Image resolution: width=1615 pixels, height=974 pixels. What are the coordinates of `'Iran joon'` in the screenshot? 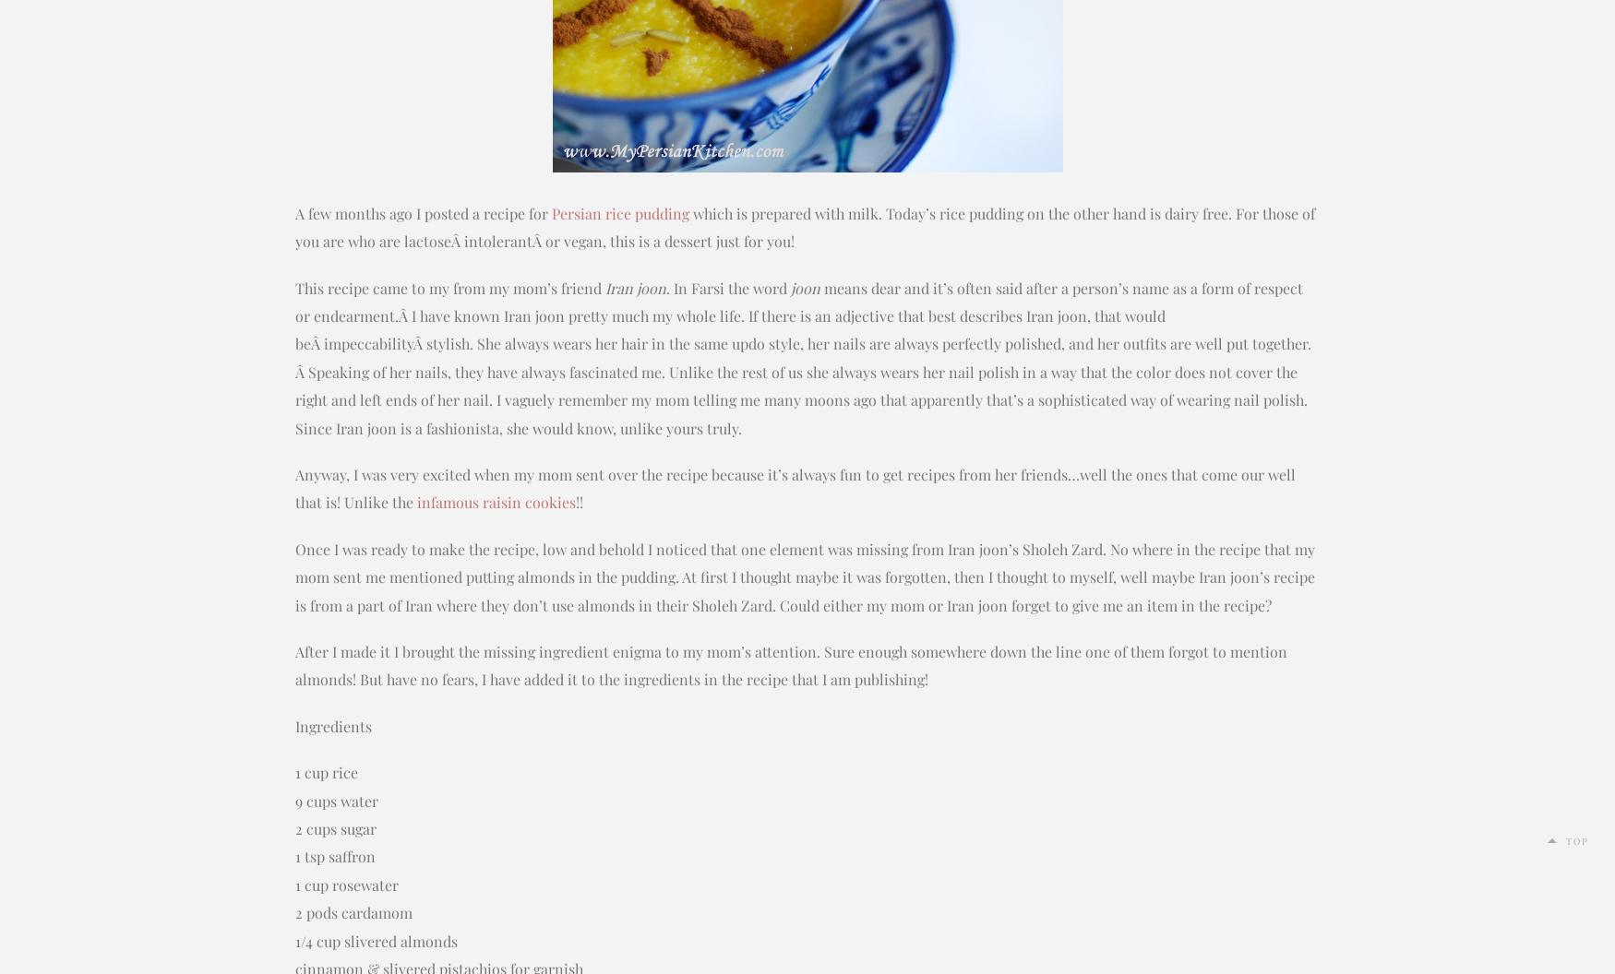 It's located at (635, 287).